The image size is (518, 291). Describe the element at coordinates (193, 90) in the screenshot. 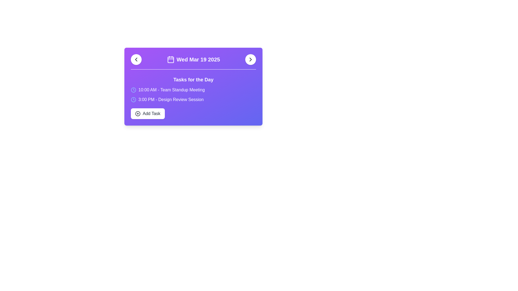

I see `the text element reading '10:00 AM - Team Standup Meeting' with a clock icon on its left, located in the 'Tasks for the Day' section` at that location.